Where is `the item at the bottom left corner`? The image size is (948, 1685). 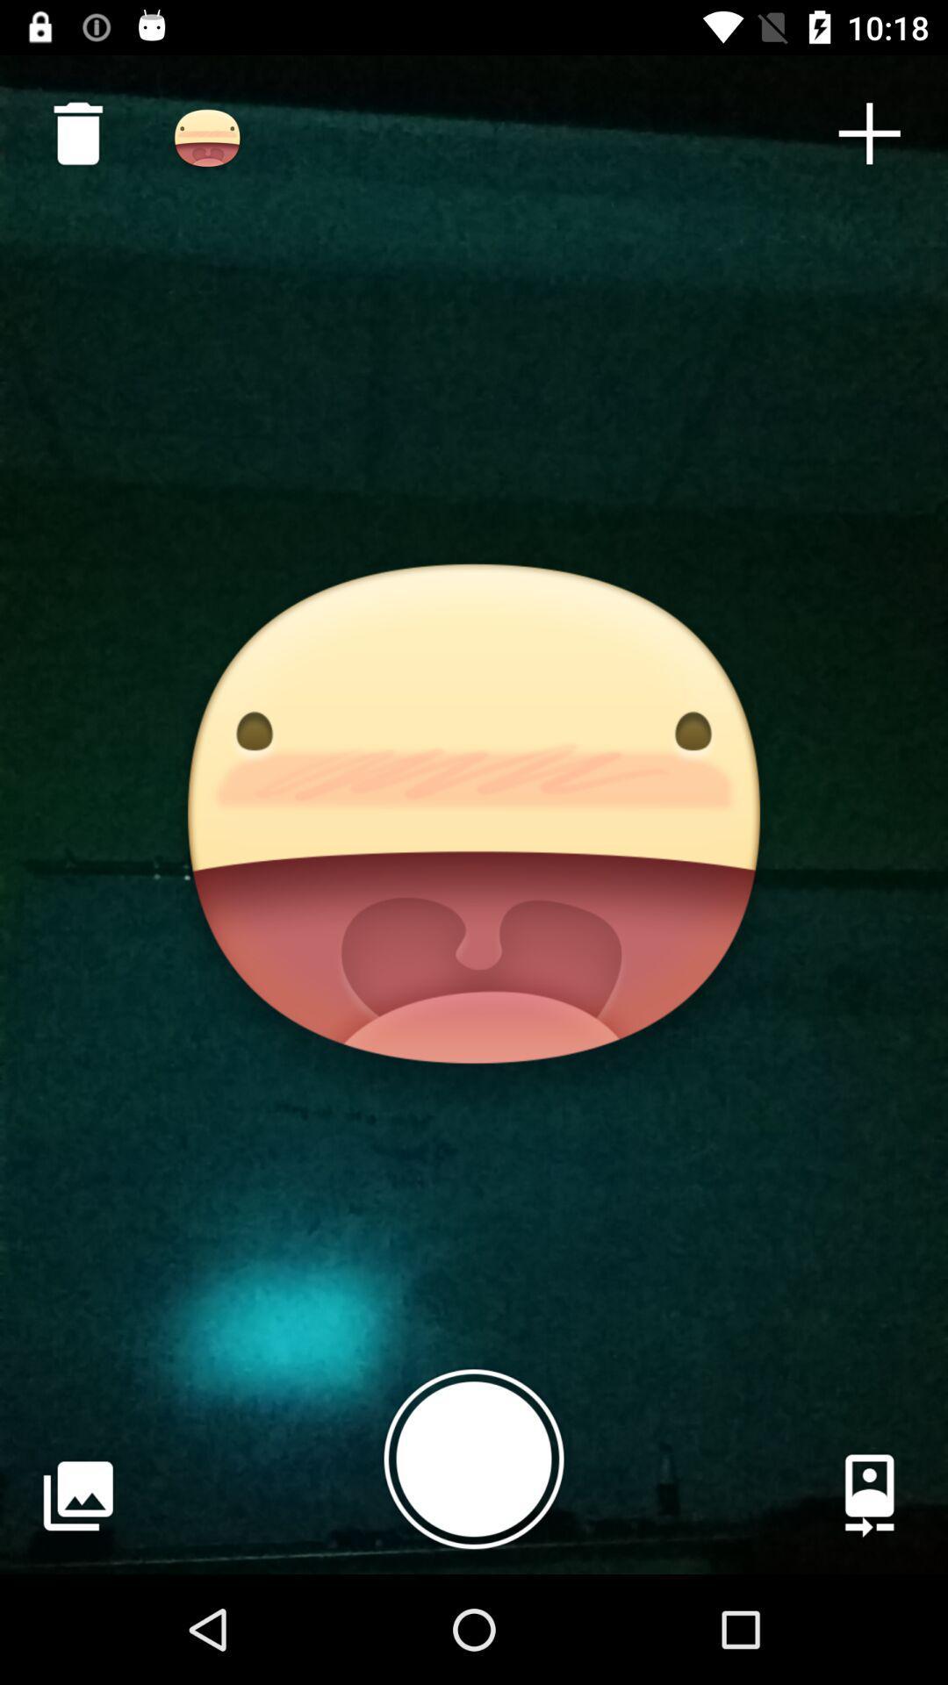 the item at the bottom left corner is located at coordinates (77, 1495).